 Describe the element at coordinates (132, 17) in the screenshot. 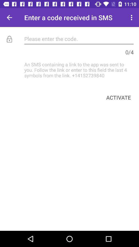

I see `item next to enter a code item` at that location.